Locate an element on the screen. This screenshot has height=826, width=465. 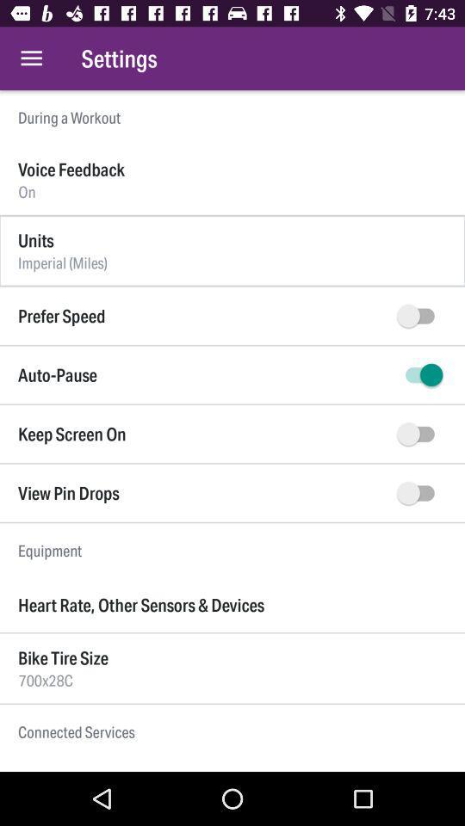
prefer speed option on is located at coordinates (418, 315).